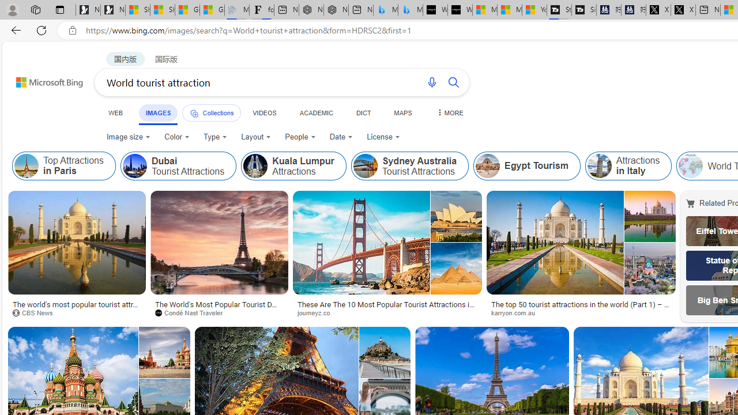 This screenshot has width=738, height=415. I want to click on 'Microsoft Bing Travel - Stays in Bangkok, Bangkok, Thailand', so click(385, 10).